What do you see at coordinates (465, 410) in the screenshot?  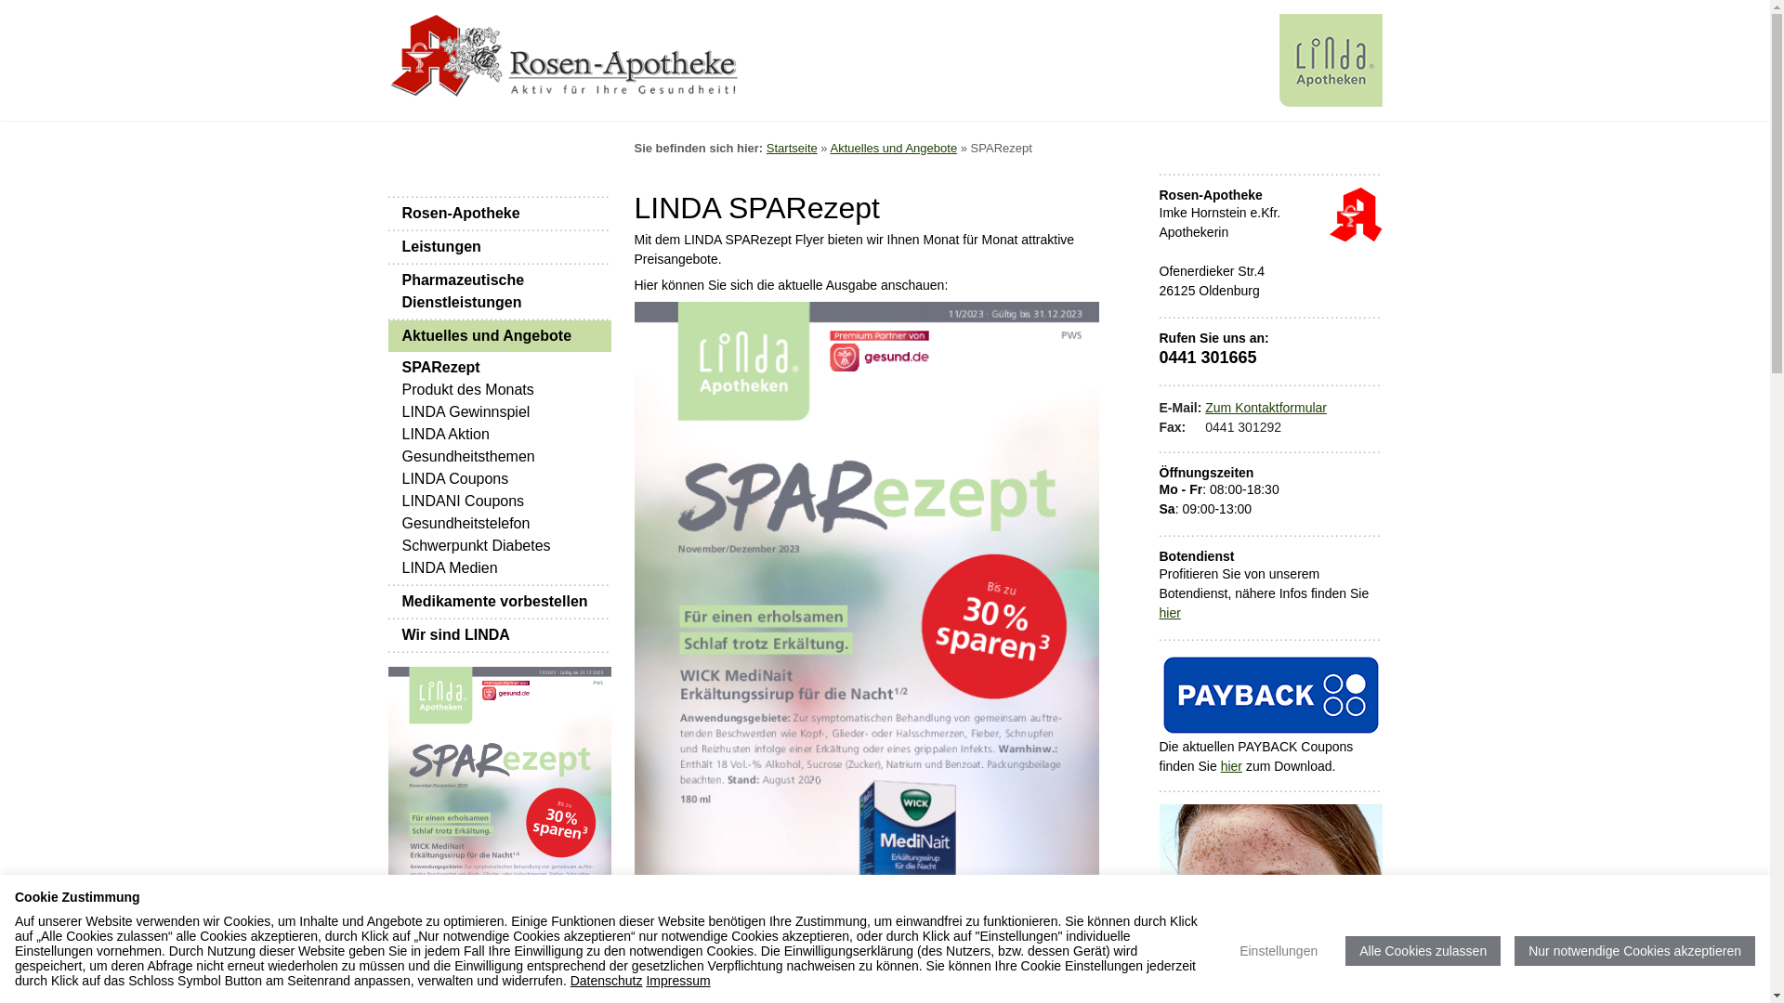 I see `'LINDA Gewinnspiel'` at bounding box center [465, 410].